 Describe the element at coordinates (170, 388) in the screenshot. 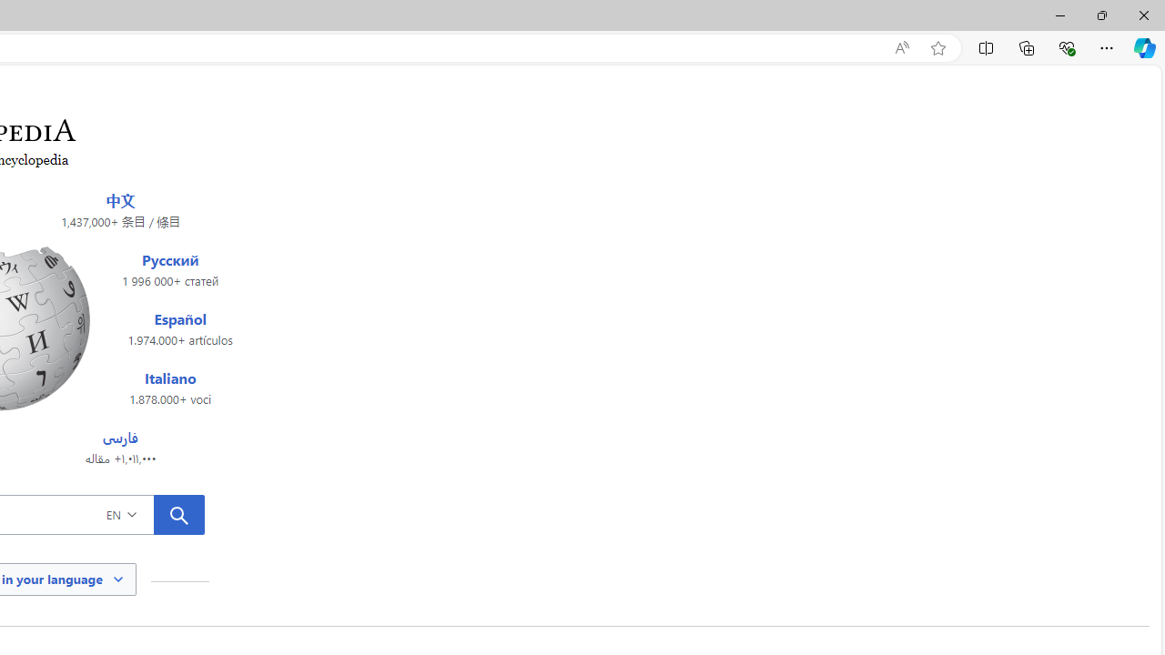

I see `'Italiano 1.878.000+ voci'` at that location.